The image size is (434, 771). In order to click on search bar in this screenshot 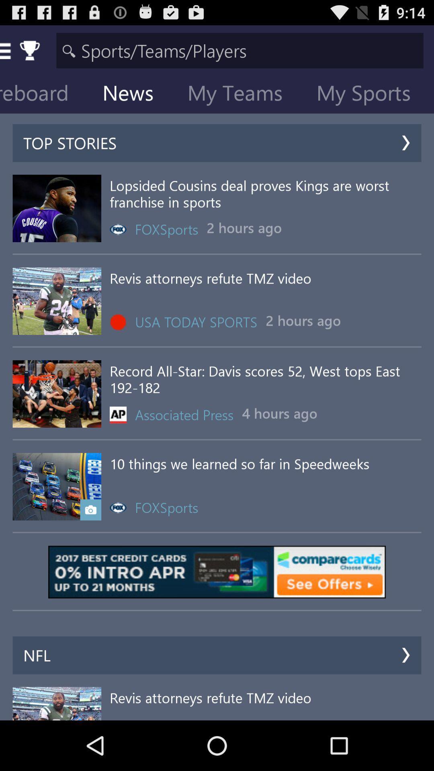, I will do `click(240, 50)`.